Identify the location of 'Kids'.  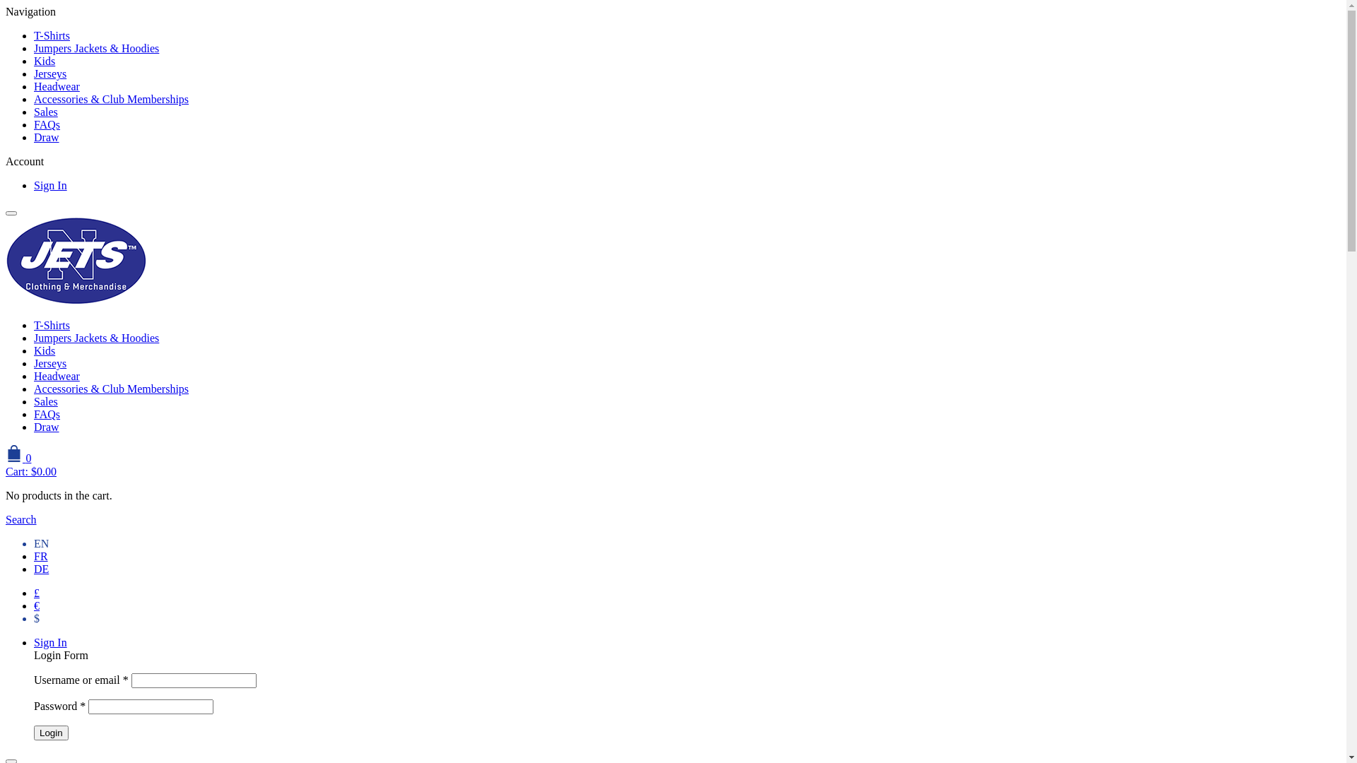
(44, 60).